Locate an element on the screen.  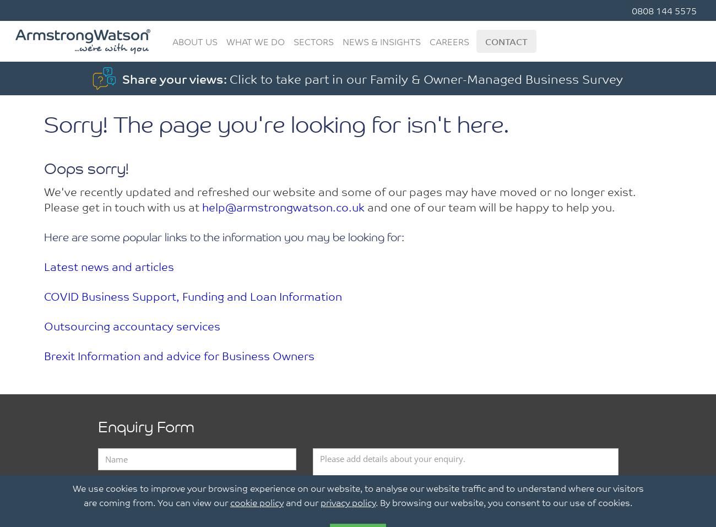
'Share your views:' is located at coordinates (176, 78).